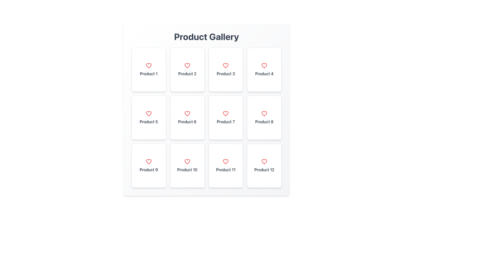 The width and height of the screenshot is (481, 270). Describe the element at coordinates (148, 65) in the screenshot. I see `the red heart-shaped SVG icon located in the top-left corner of the 'Product Gallery' grid above the text label 'Product 1'` at that location.